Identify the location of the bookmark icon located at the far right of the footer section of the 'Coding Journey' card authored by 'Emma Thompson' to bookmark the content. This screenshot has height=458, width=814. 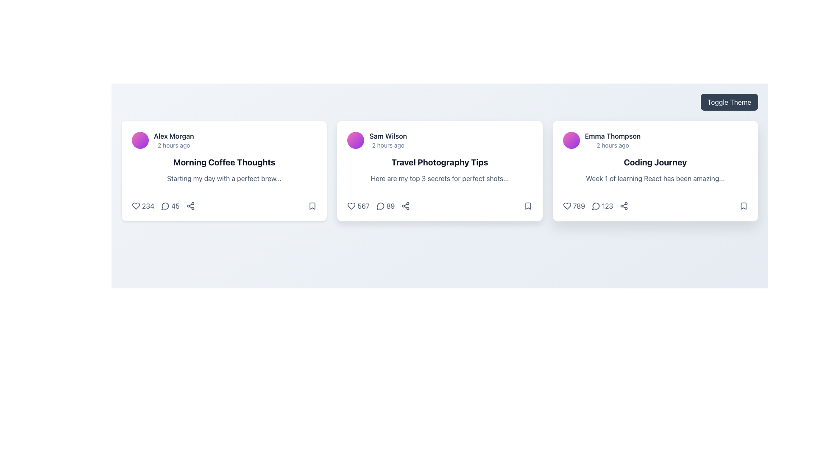
(743, 206).